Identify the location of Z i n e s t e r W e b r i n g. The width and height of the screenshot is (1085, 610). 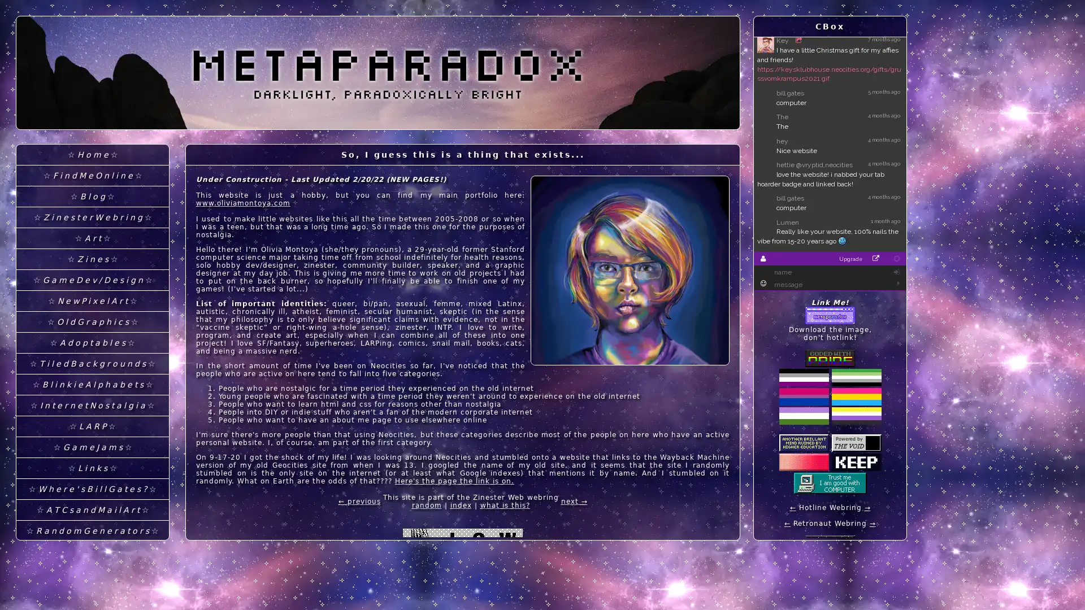
(92, 217).